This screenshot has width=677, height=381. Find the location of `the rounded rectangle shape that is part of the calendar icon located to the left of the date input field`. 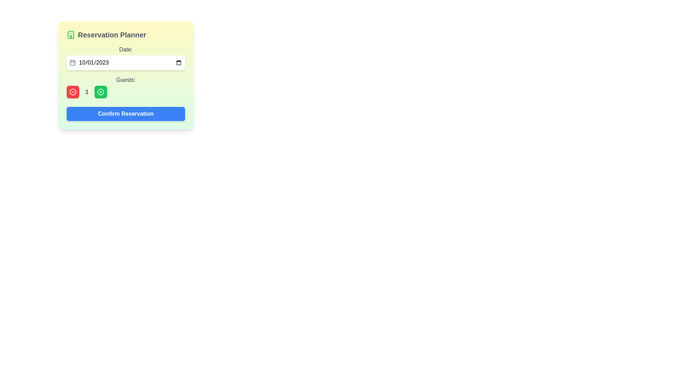

the rounded rectangle shape that is part of the calendar icon located to the left of the date input field is located at coordinates (73, 62).